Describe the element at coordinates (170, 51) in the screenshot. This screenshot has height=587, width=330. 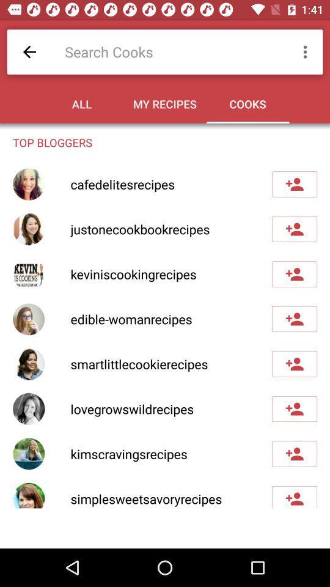
I see `icon above all item` at that location.